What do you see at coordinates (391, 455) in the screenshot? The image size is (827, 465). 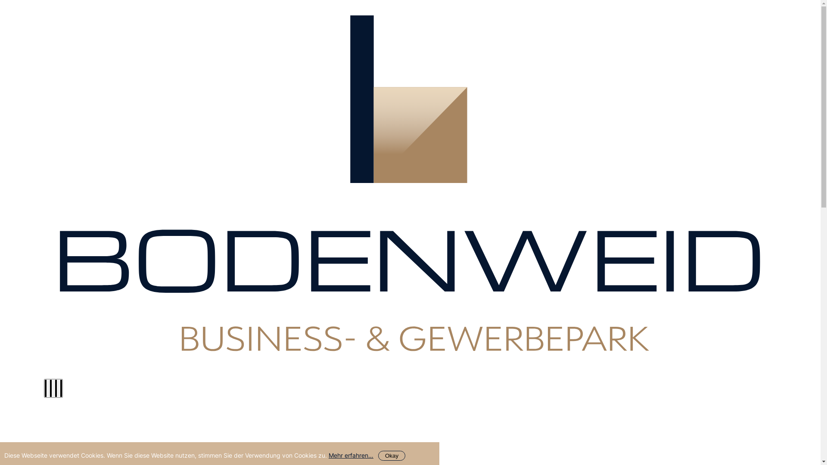 I see `'Okay'` at bounding box center [391, 455].